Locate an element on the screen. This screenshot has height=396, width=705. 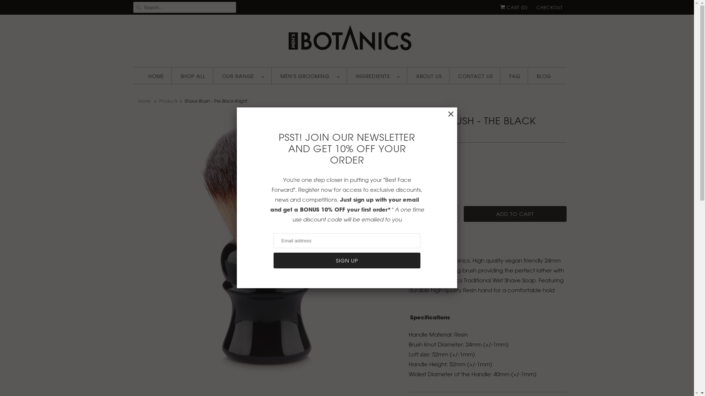
'Shave Brush  - The Black Knight' is located at coordinates (267, 246).